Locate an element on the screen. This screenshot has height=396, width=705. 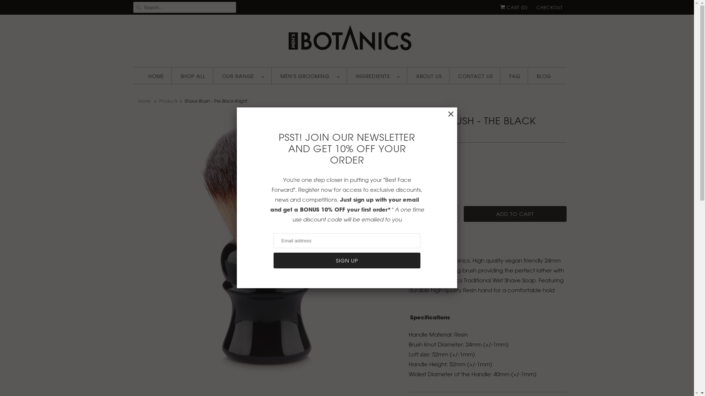
'Shave Brush  - The Black Knight' is located at coordinates (267, 246).